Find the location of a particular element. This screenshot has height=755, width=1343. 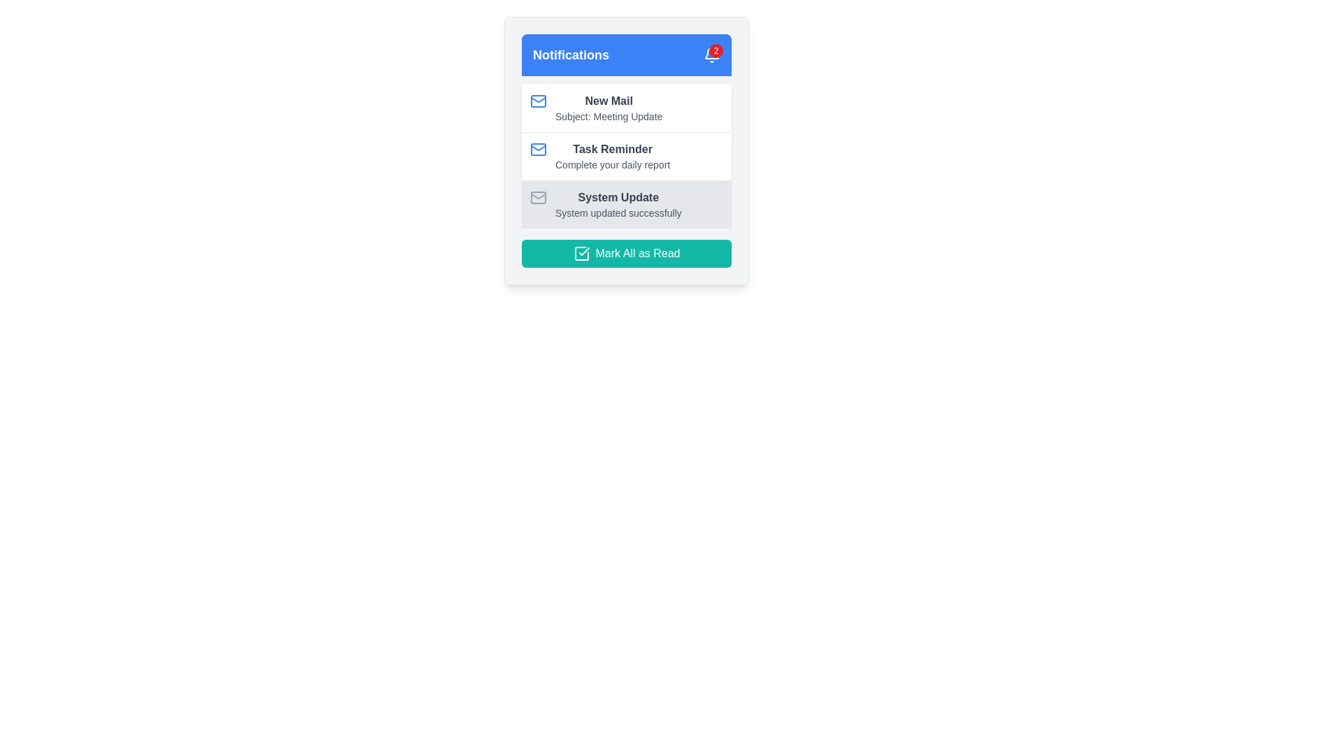

the text label within the button at the bottom of the notification panel is located at coordinates (637, 253).